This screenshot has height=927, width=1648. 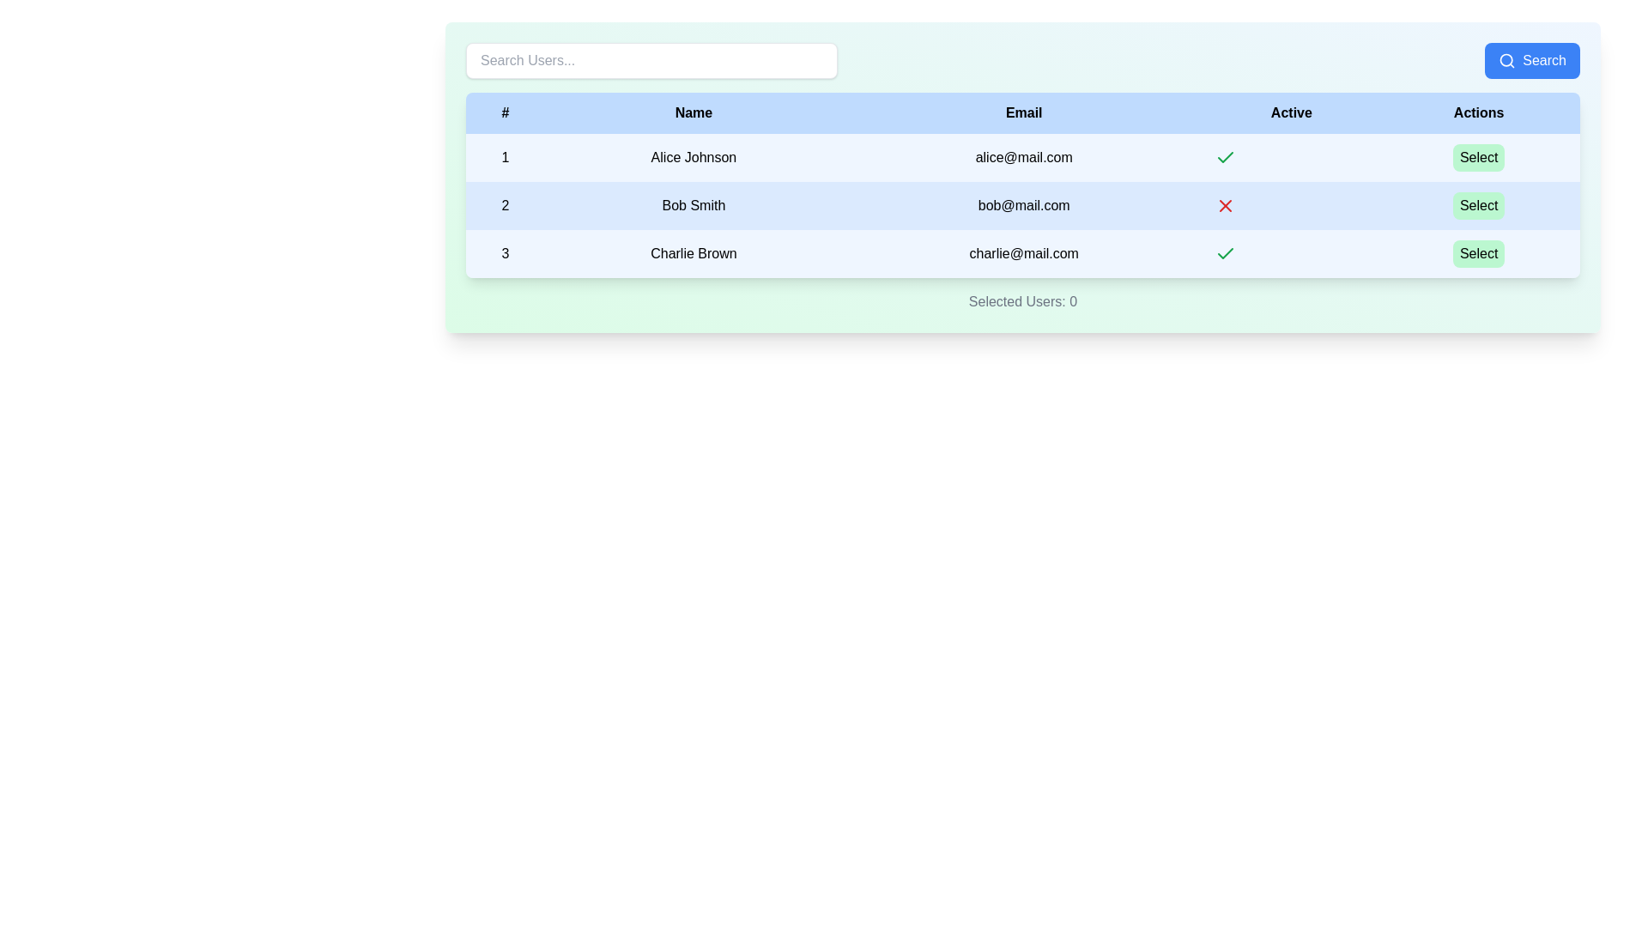 What do you see at coordinates (1478, 158) in the screenshot?
I see `the 'Select' button with a green background located in the 'Actions' column of the table, corresponding to the entry 'Alice Johnson.'` at bounding box center [1478, 158].